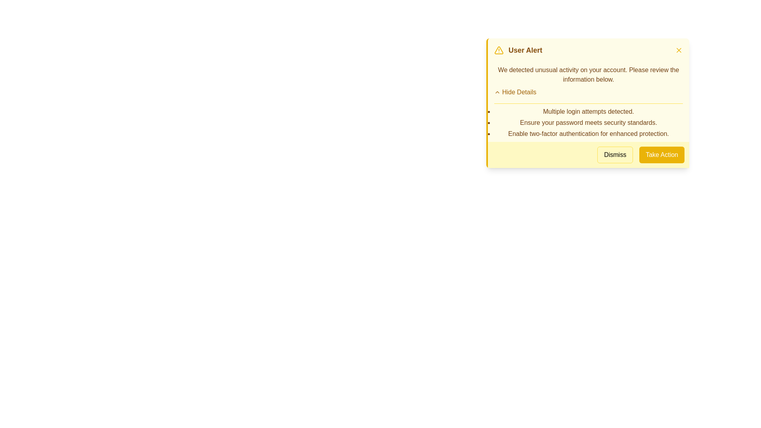 The height and width of the screenshot is (428, 761). What do you see at coordinates (515, 92) in the screenshot?
I see `the 'Hide Details' interactive text with an icon styled in yellow` at bounding box center [515, 92].